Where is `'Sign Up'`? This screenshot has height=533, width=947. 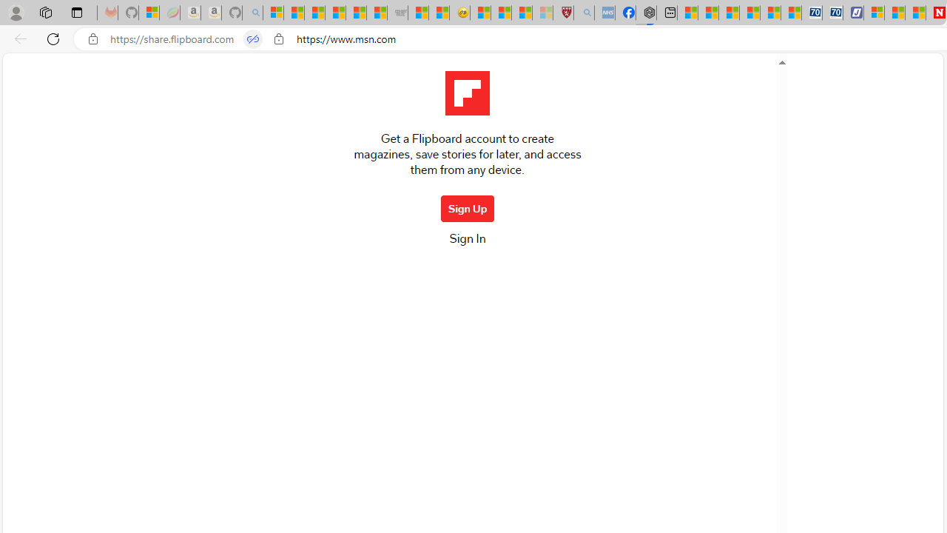 'Sign Up' is located at coordinates (467, 209).